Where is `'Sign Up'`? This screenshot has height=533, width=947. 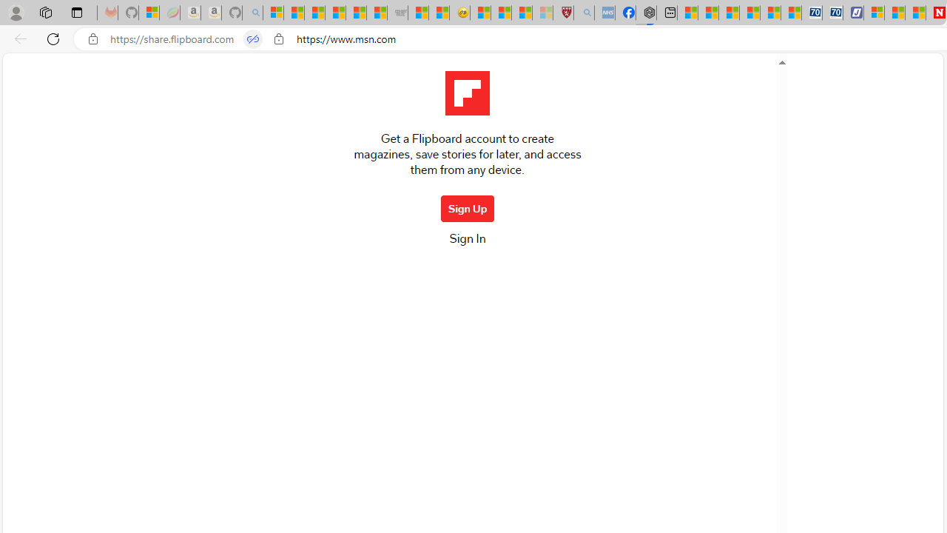 'Sign Up' is located at coordinates (467, 209).